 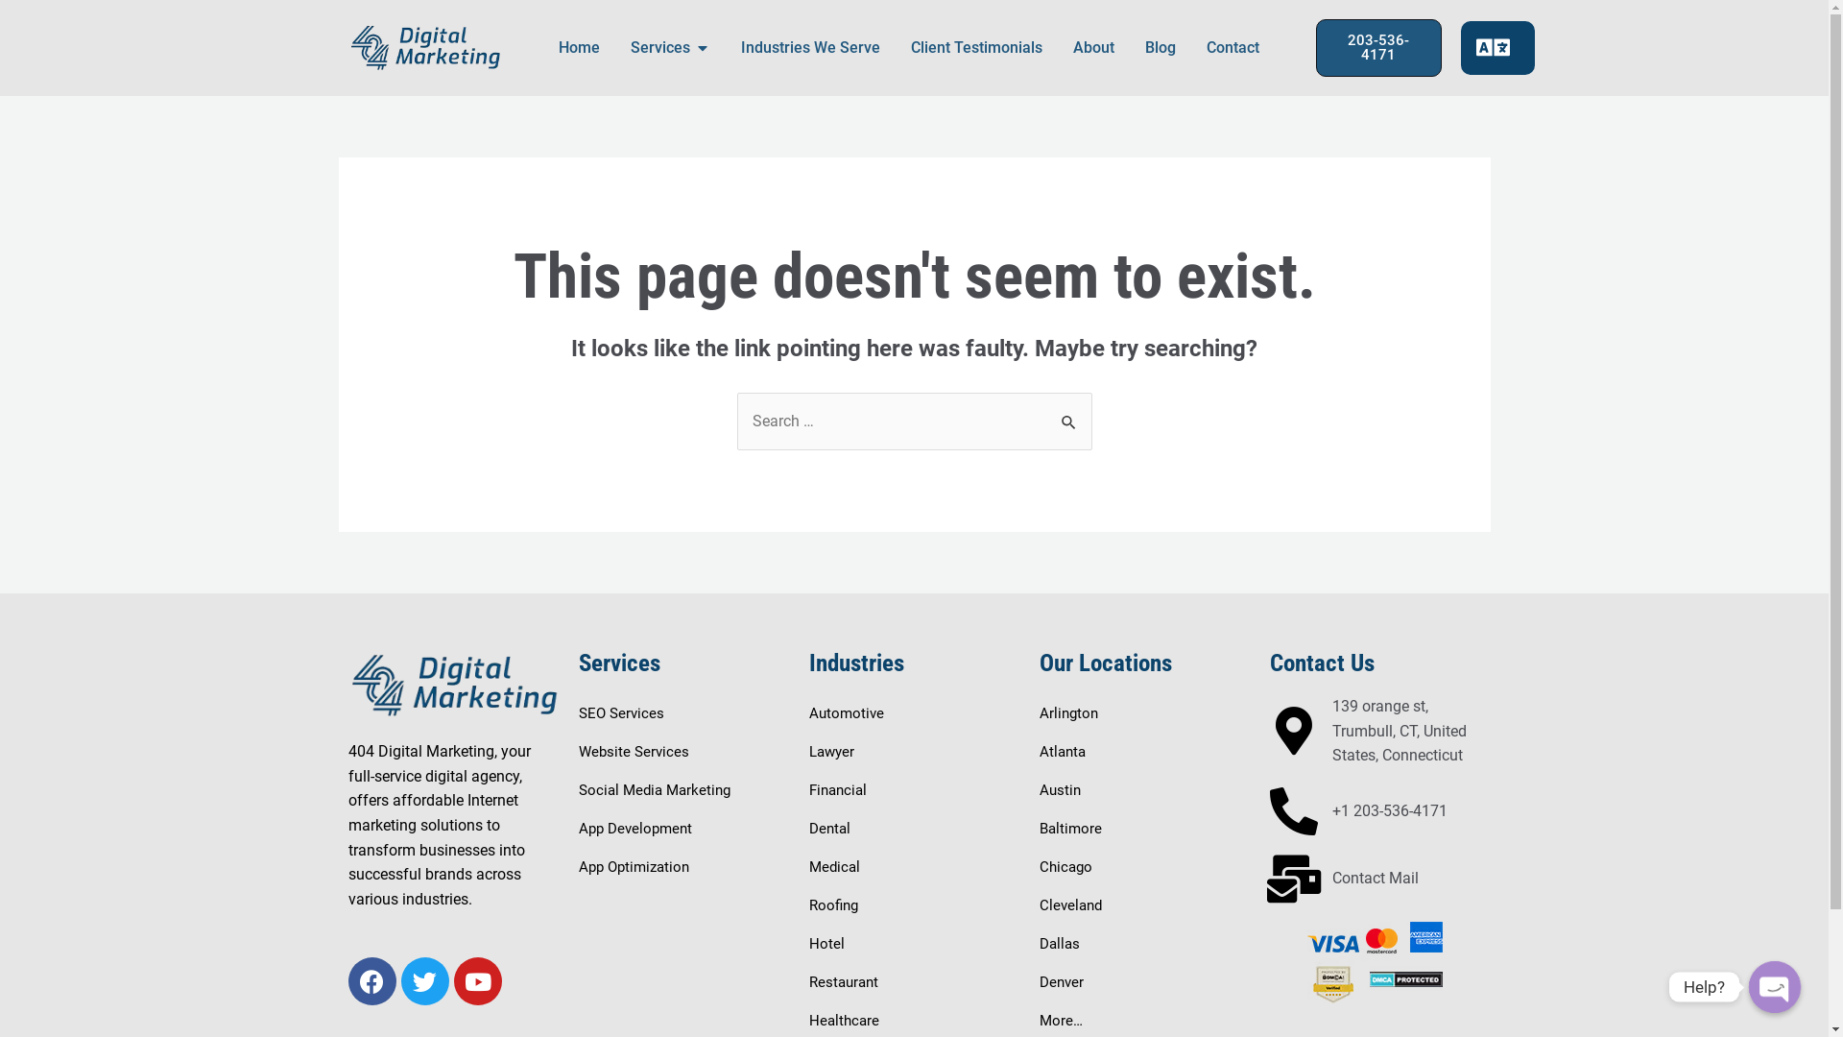 What do you see at coordinates (634, 828) in the screenshot?
I see `'App Development'` at bounding box center [634, 828].